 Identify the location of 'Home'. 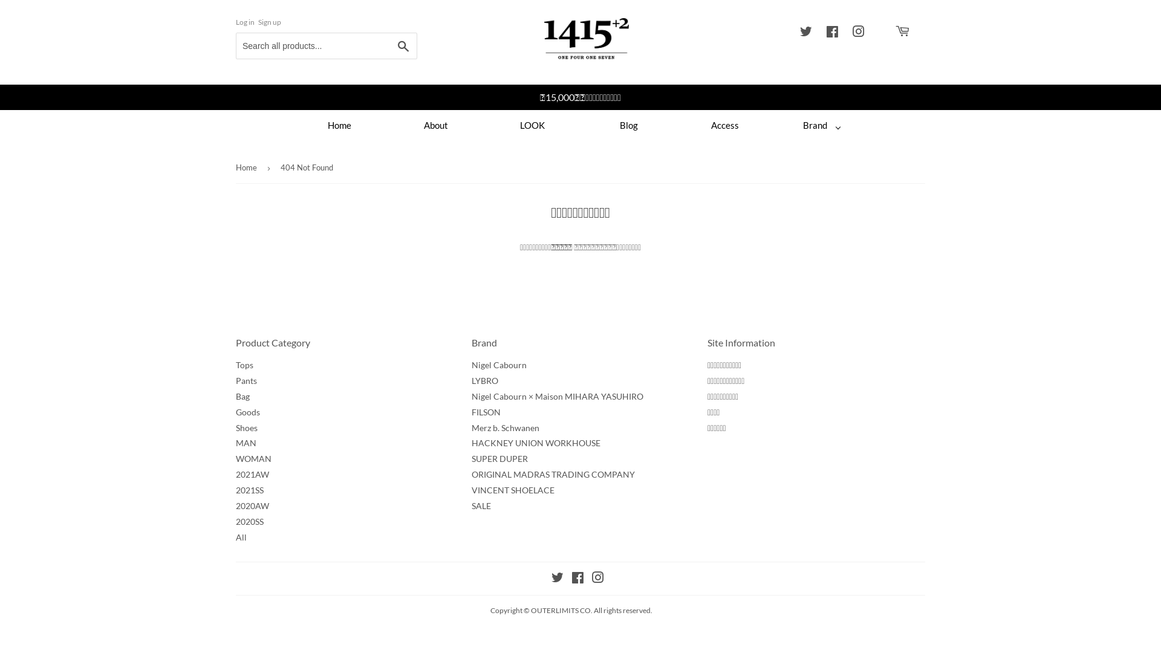
(339, 125).